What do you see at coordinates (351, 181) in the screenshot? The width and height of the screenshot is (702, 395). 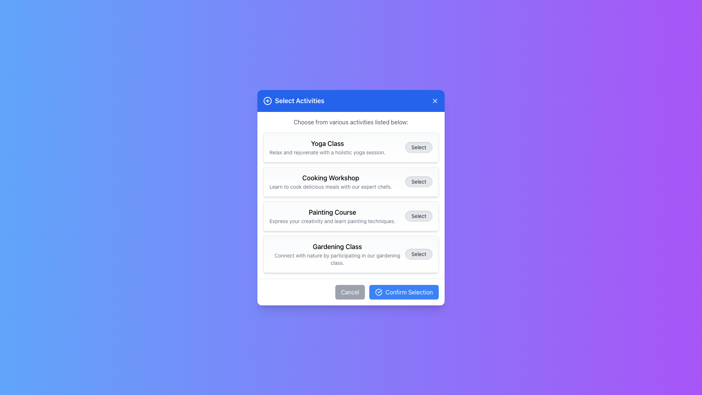 I see `information provided on the 'Cooking Workshop' card, which is the second card in the 'Select Activities' dialog box, located beneath the 'Yoga Class' card` at bounding box center [351, 181].